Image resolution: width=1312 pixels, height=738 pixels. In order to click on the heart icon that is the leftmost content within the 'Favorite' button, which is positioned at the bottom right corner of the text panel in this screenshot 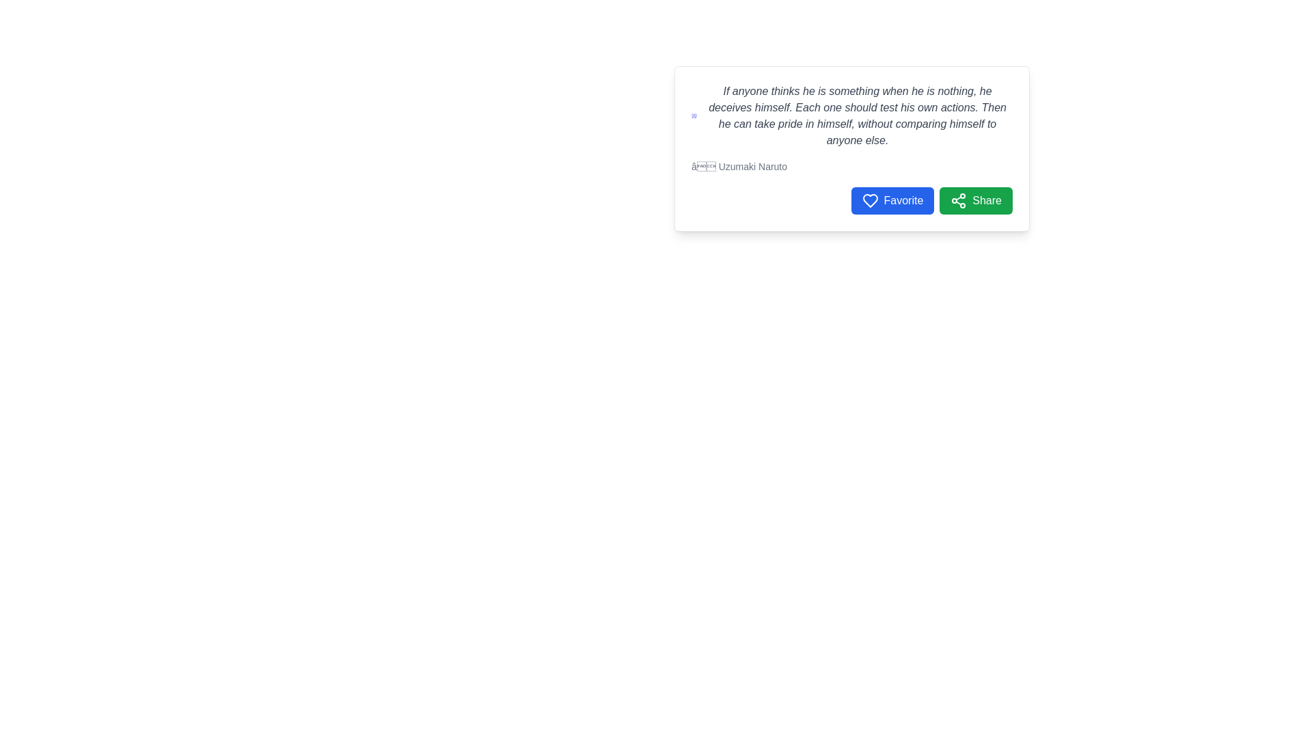, I will do `click(869, 200)`.